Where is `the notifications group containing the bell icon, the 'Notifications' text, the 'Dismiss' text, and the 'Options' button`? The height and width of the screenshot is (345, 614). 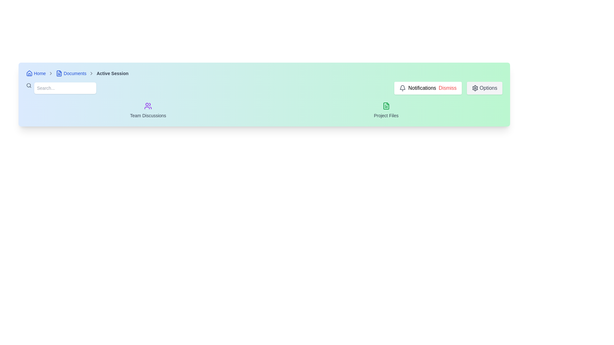
the notifications group containing the bell icon, the 'Notifications' text, the 'Dismiss' text, and the 'Options' button is located at coordinates (448, 88).